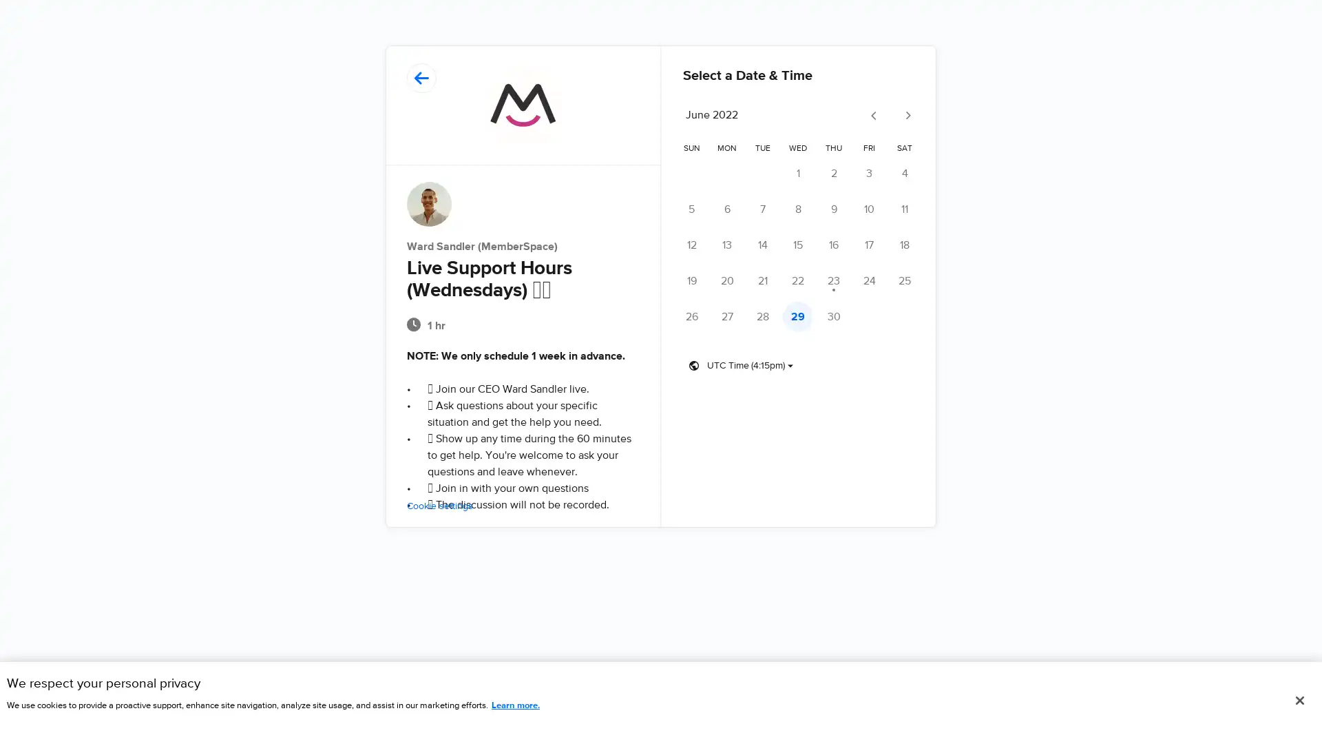  I want to click on Monday, June 27 - No times available, so click(726, 316).